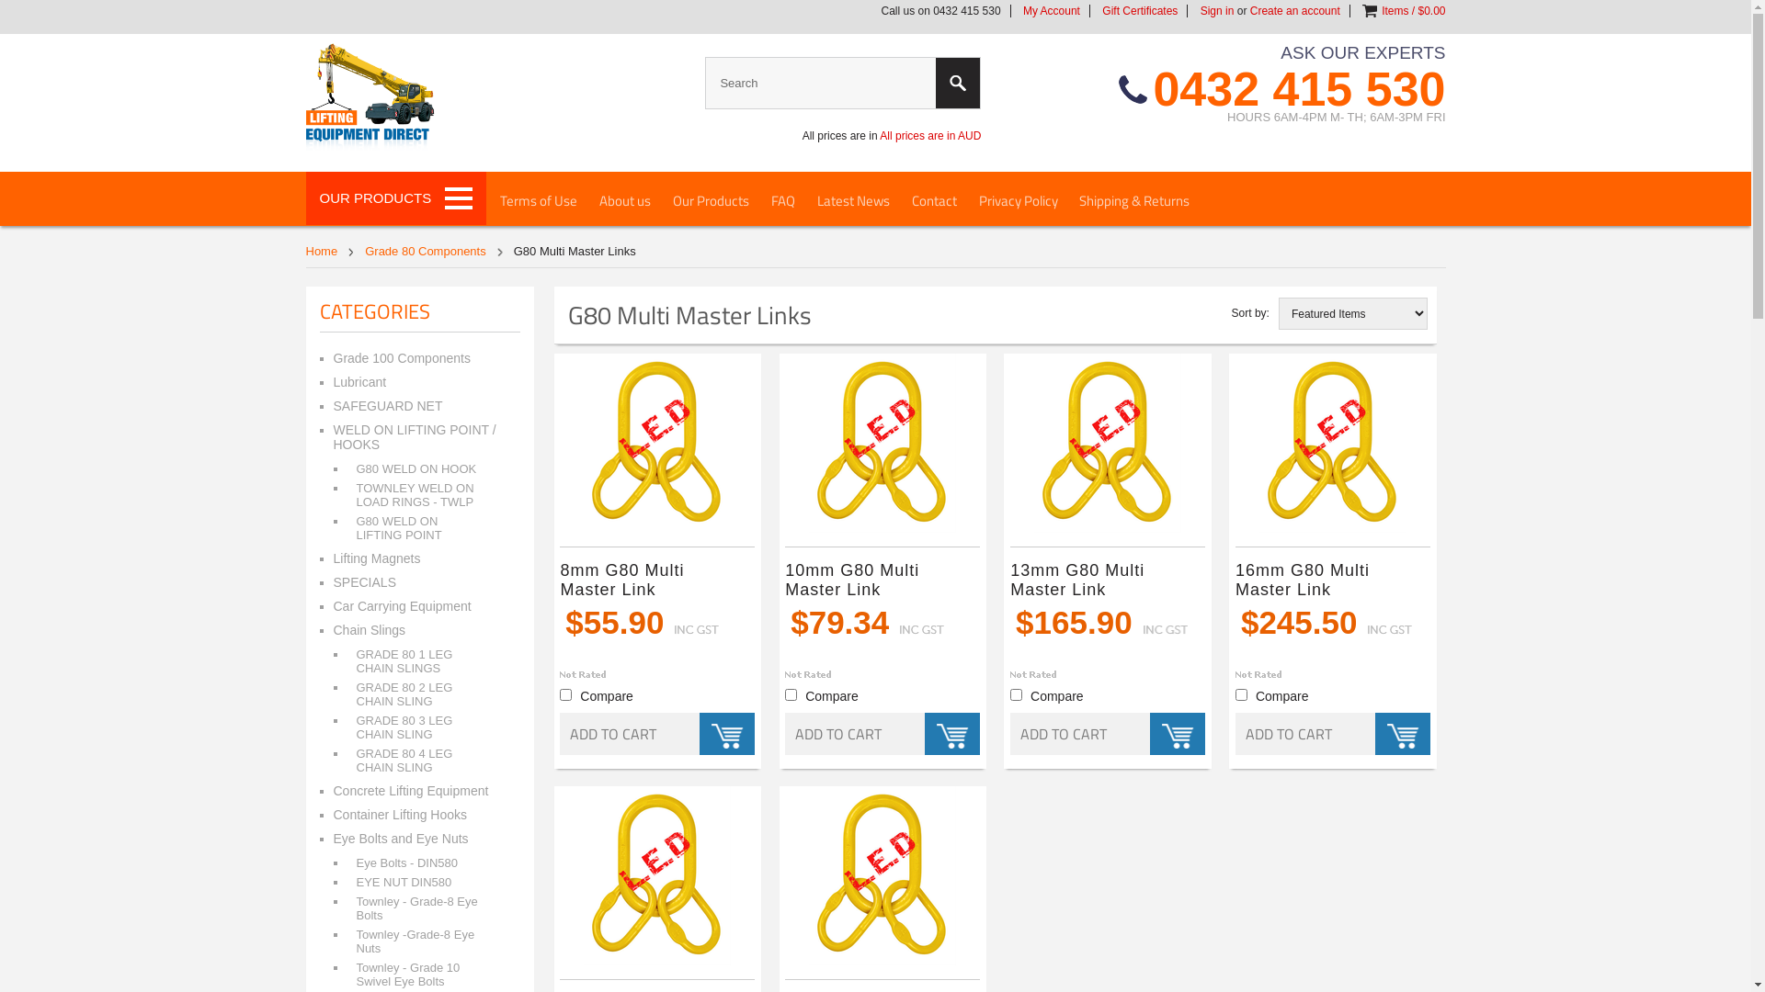 The image size is (1765, 992). Describe the element at coordinates (329, 251) in the screenshot. I see `'Home'` at that location.